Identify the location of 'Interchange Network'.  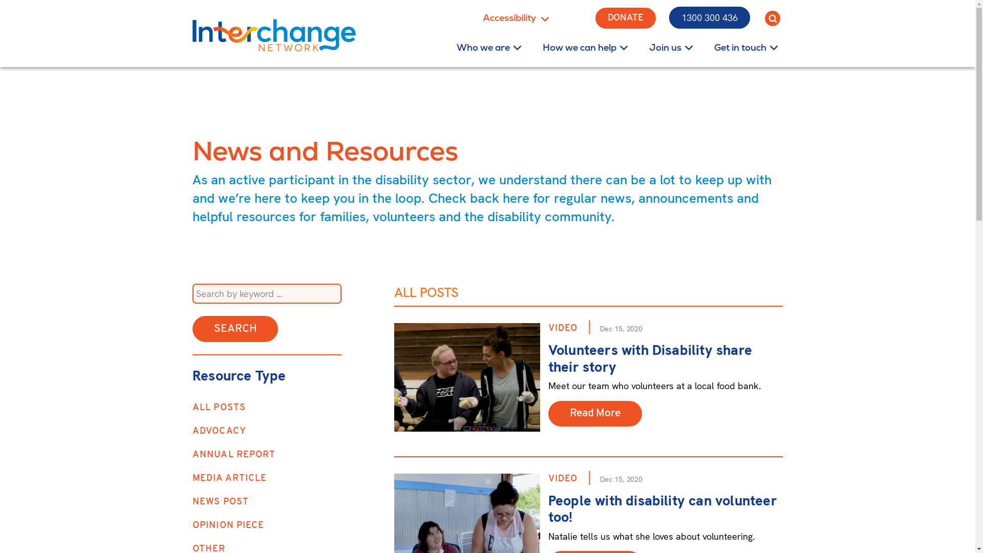
(274, 35).